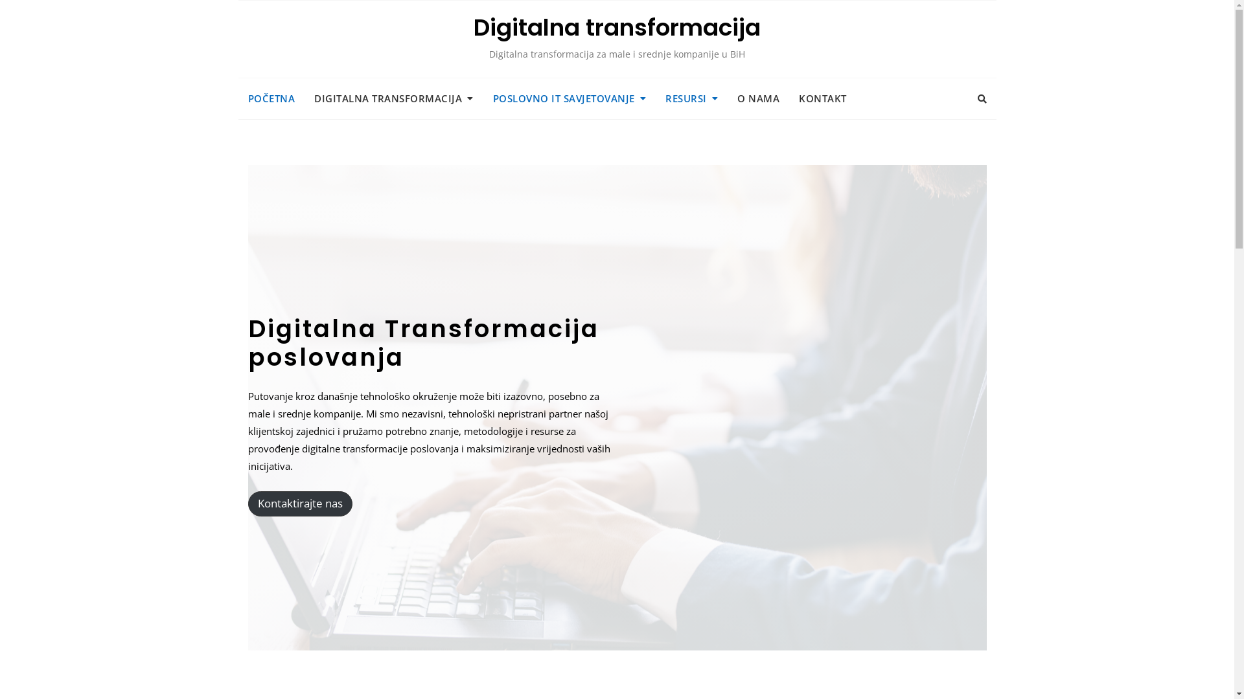 This screenshot has height=699, width=1244. What do you see at coordinates (472, 27) in the screenshot?
I see `'Digitalna transformacija'` at bounding box center [472, 27].